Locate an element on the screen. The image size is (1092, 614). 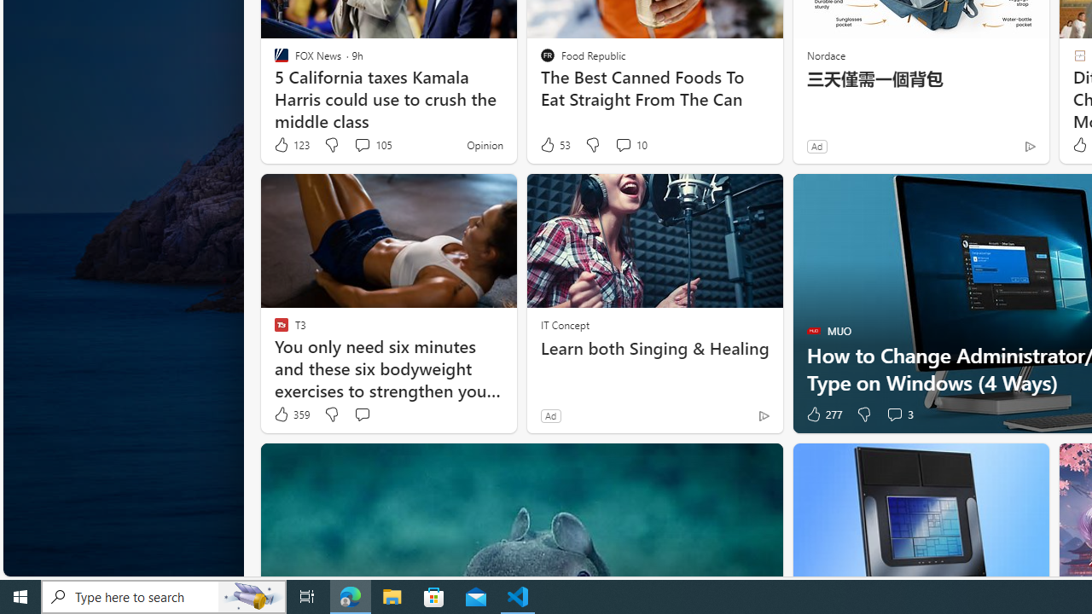
'IT Concept' is located at coordinates (565, 324).